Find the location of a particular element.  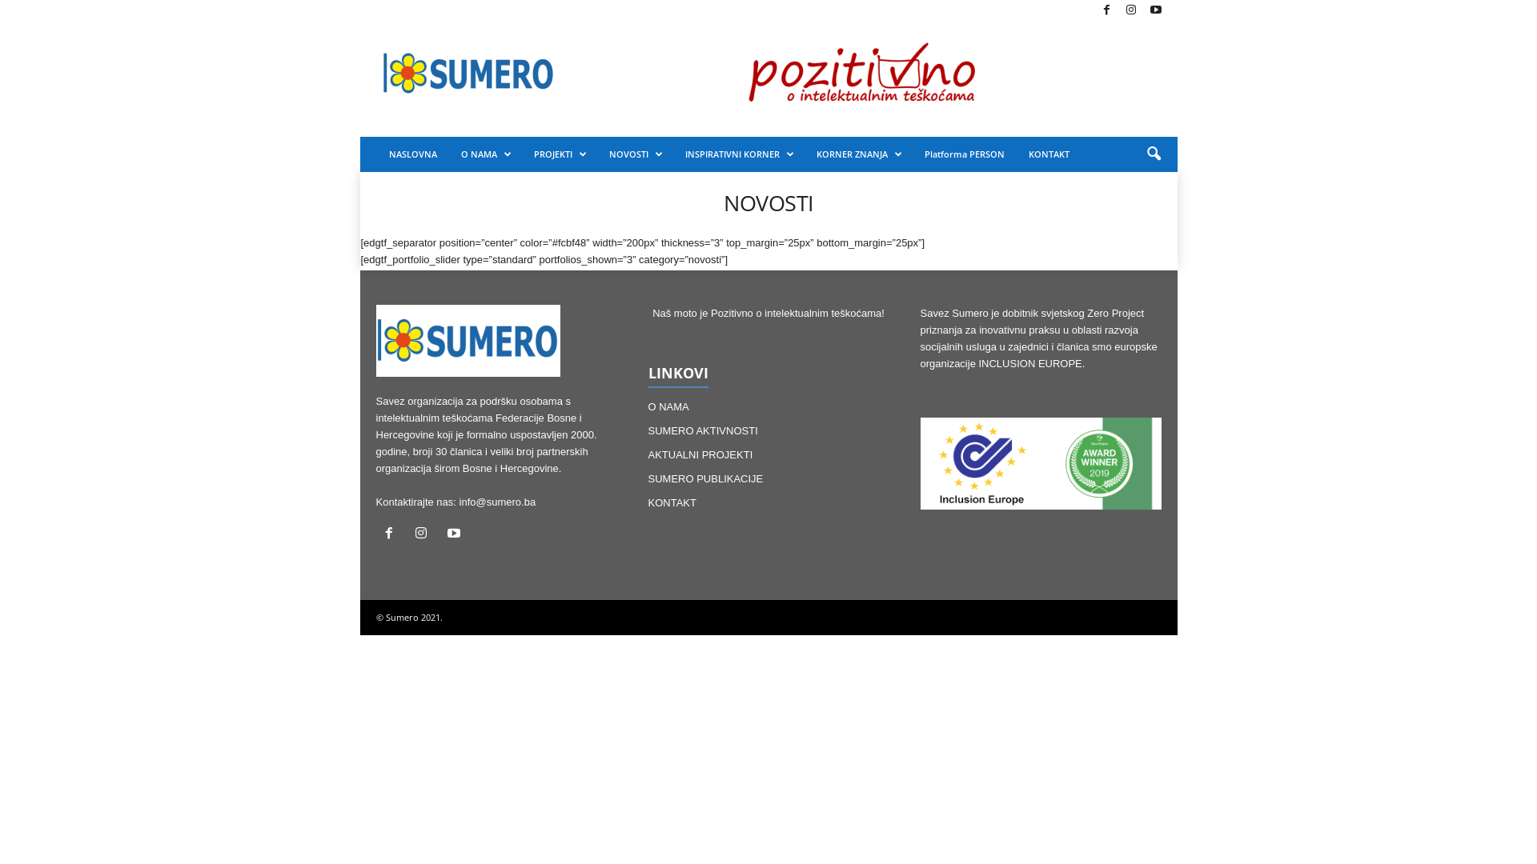

'Savez Sumero' is located at coordinates (468, 74).